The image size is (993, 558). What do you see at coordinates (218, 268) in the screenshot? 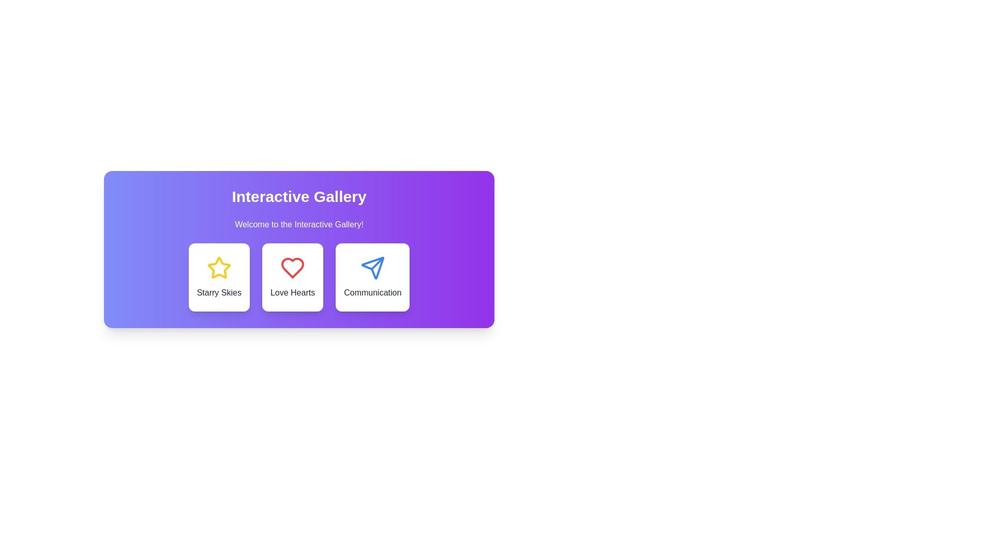
I see `the 'Starry Skies' icon, which is a decorative star graphic located inside a white card in the middle-left column of the interactive gallery layout` at bounding box center [218, 268].